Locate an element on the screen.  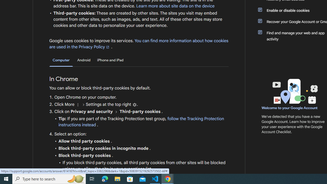
'More' is located at coordinates (77, 104).